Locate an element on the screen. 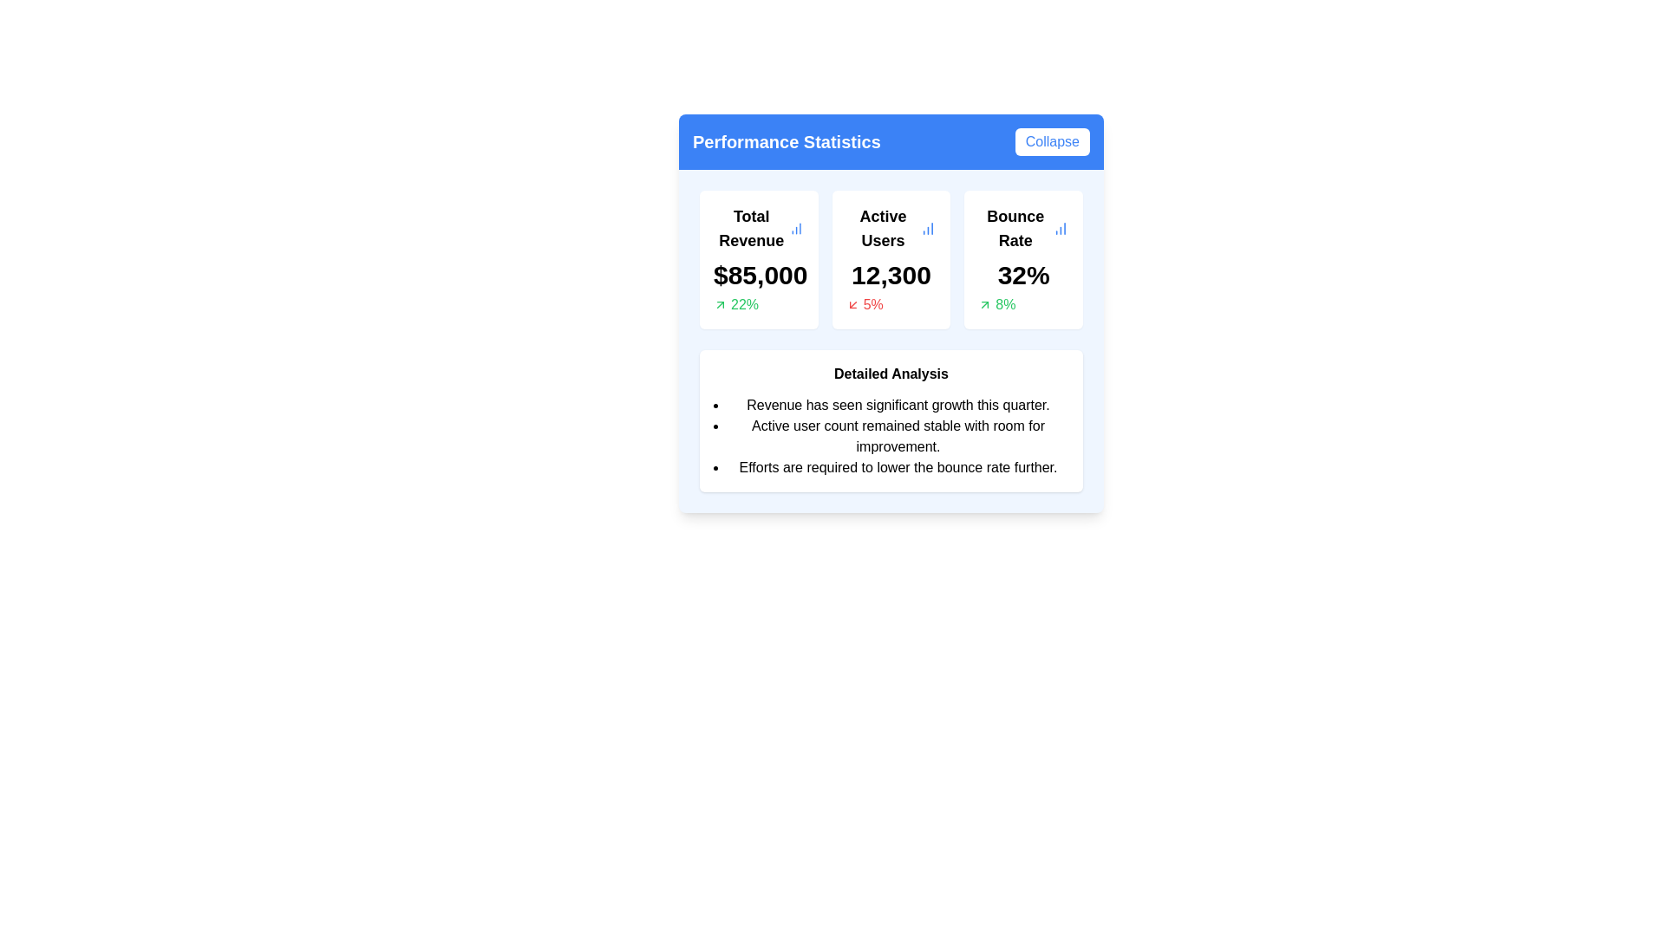 This screenshot has width=1665, height=936. the text element reading 'Revenue has seen significant growth this quarter.' which is the first item in a bullet-pointed list under the section titled 'Detailed Analysis.' is located at coordinates (898, 405).